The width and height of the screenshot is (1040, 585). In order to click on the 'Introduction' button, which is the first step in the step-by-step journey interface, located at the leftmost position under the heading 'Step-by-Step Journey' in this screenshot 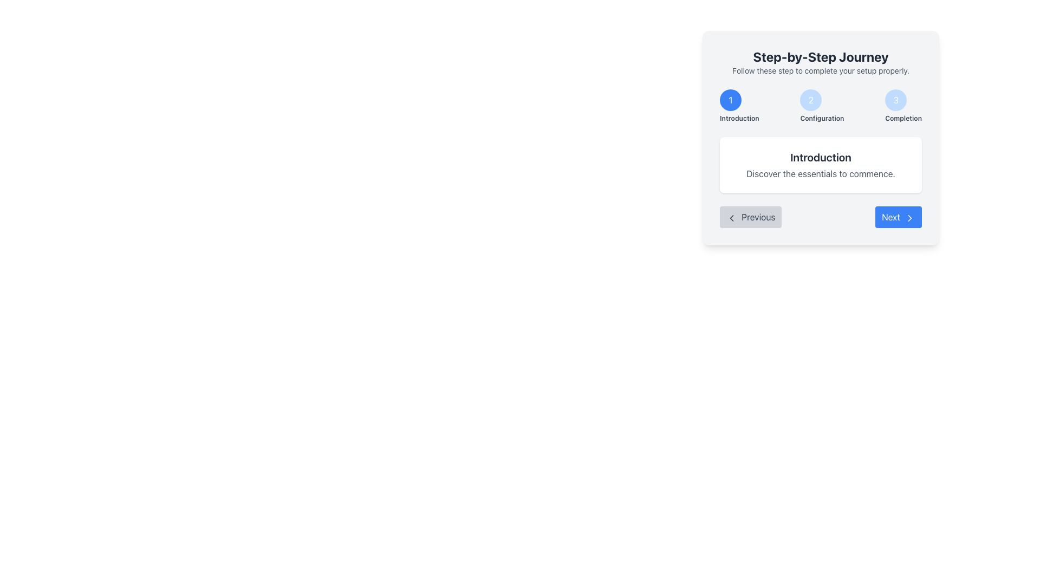, I will do `click(730, 100)`.